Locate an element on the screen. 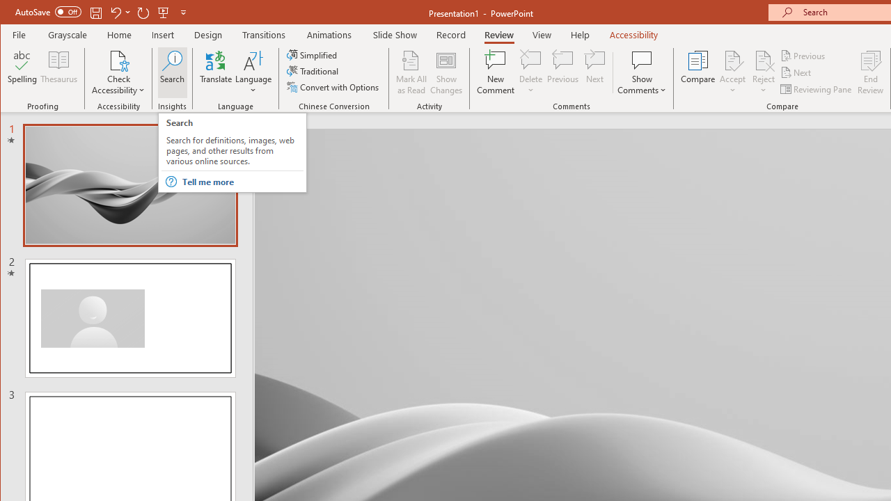  'Traditional' is located at coordinates (313, 71).